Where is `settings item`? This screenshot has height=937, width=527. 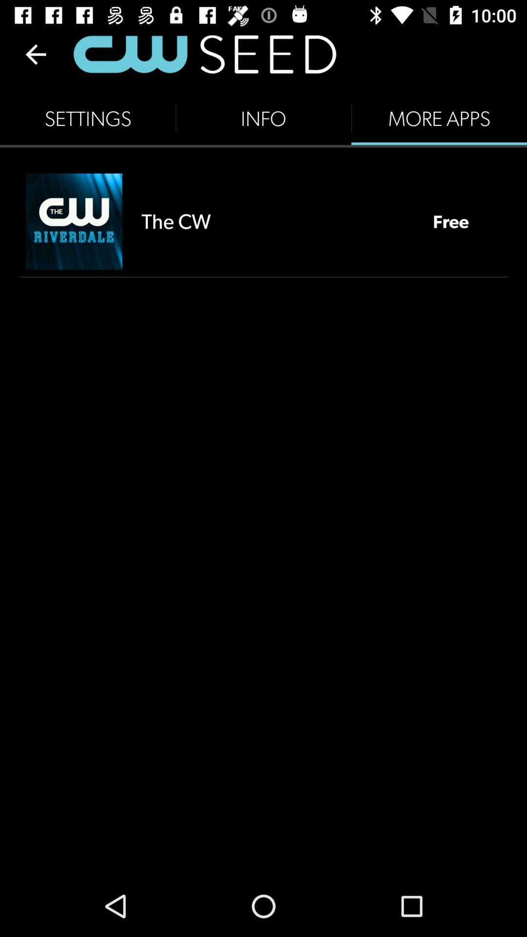
settings item is located at coordinates (88, 118).